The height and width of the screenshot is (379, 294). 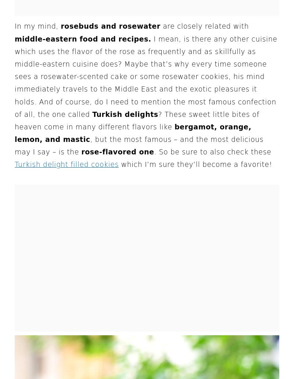 I want to click on 'which I’m sure they’ll become a favorite!', so click(x=195, y=164).